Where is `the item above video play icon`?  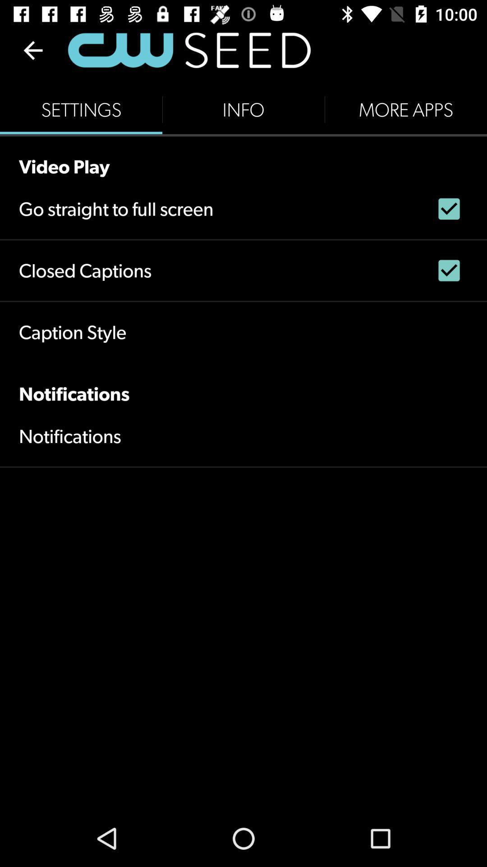 the item above video play icon is located at coordinates (243, 109).